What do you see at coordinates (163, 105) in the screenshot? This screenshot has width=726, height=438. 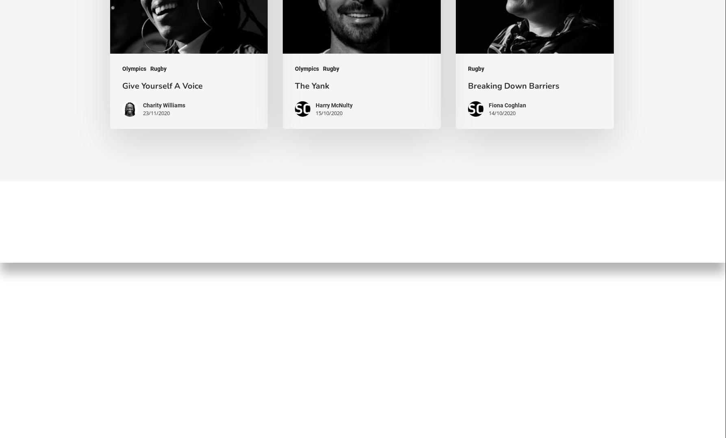 I see `'Charity Williams'` at bounding box center [163, 105].